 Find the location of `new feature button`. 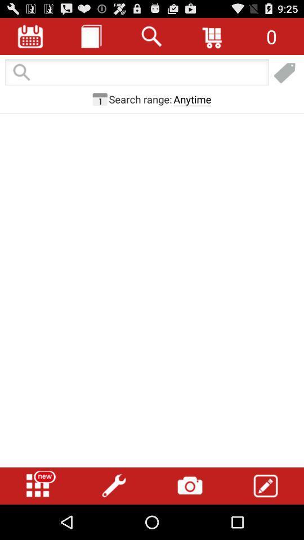

new feature button is located at coordinates (38, 485).